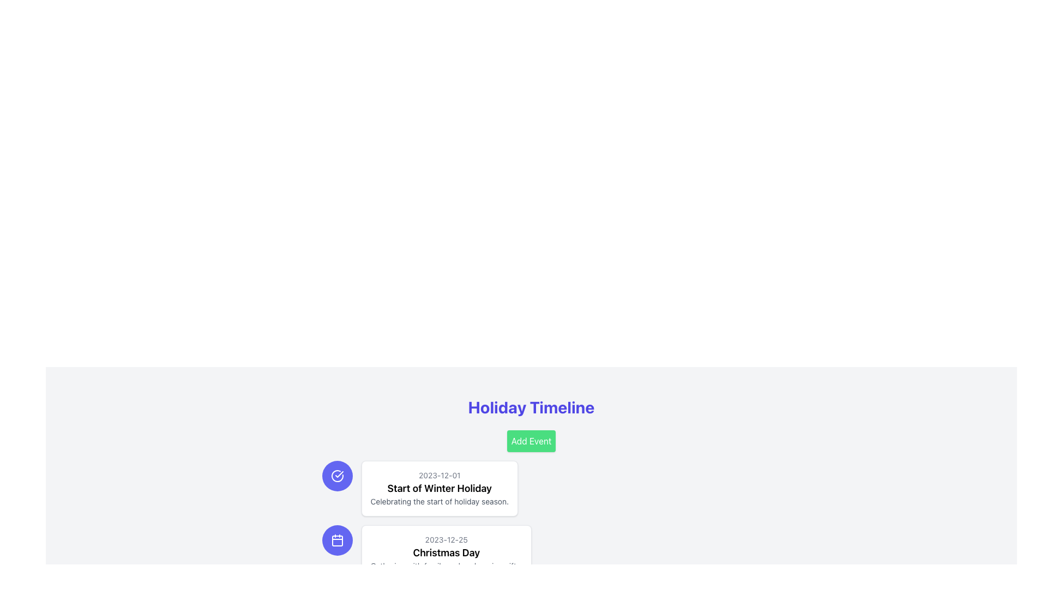 This screenshot has height=589, width=1047. Describe the element at coordinates (446, 553) in the screenshot. I see `title of the event labeled as 'Christmas Day', which is the second piece of content in the '2023-12-25' card within the 'Holiday Timeline'` at that location.